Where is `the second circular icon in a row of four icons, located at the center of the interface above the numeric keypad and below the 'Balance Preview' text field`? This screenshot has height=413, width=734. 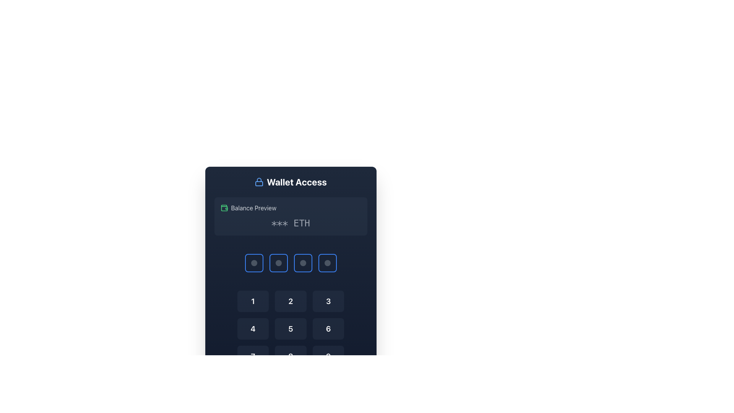 the second circular icon in a row of four icons, located at the center of the interface above the numeric keypad and below the 'Balance Preview' text field is located at coordinates (278, 262).